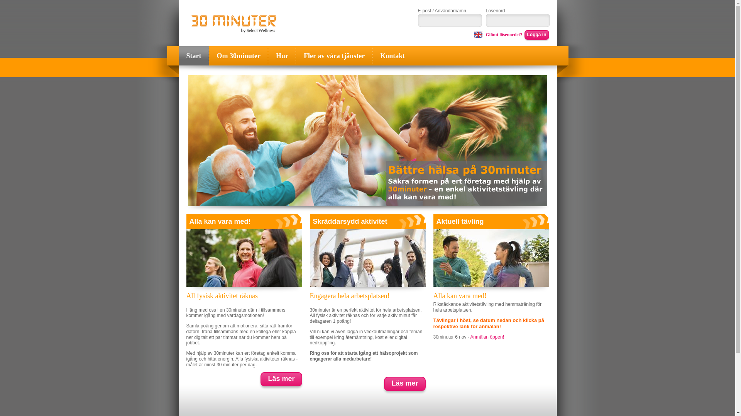 The width and height of the screenshot is (741, 416). Describe the element at coordinates (233, 23) in the screenshot. I see `'Tillbaka till startsidan'` at that location.